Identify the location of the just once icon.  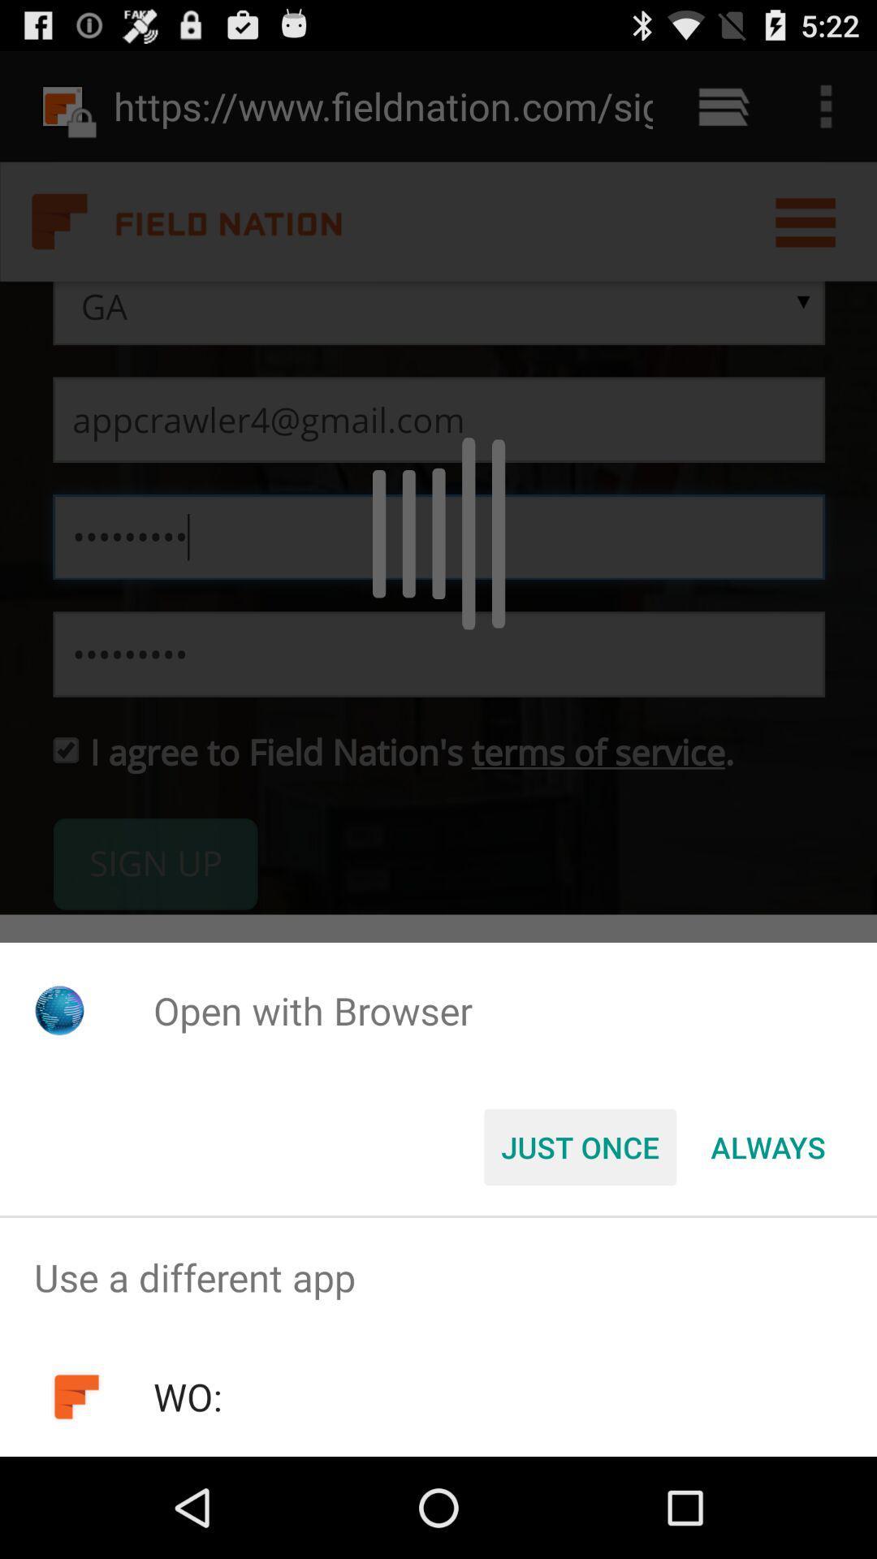
(579, 1146).